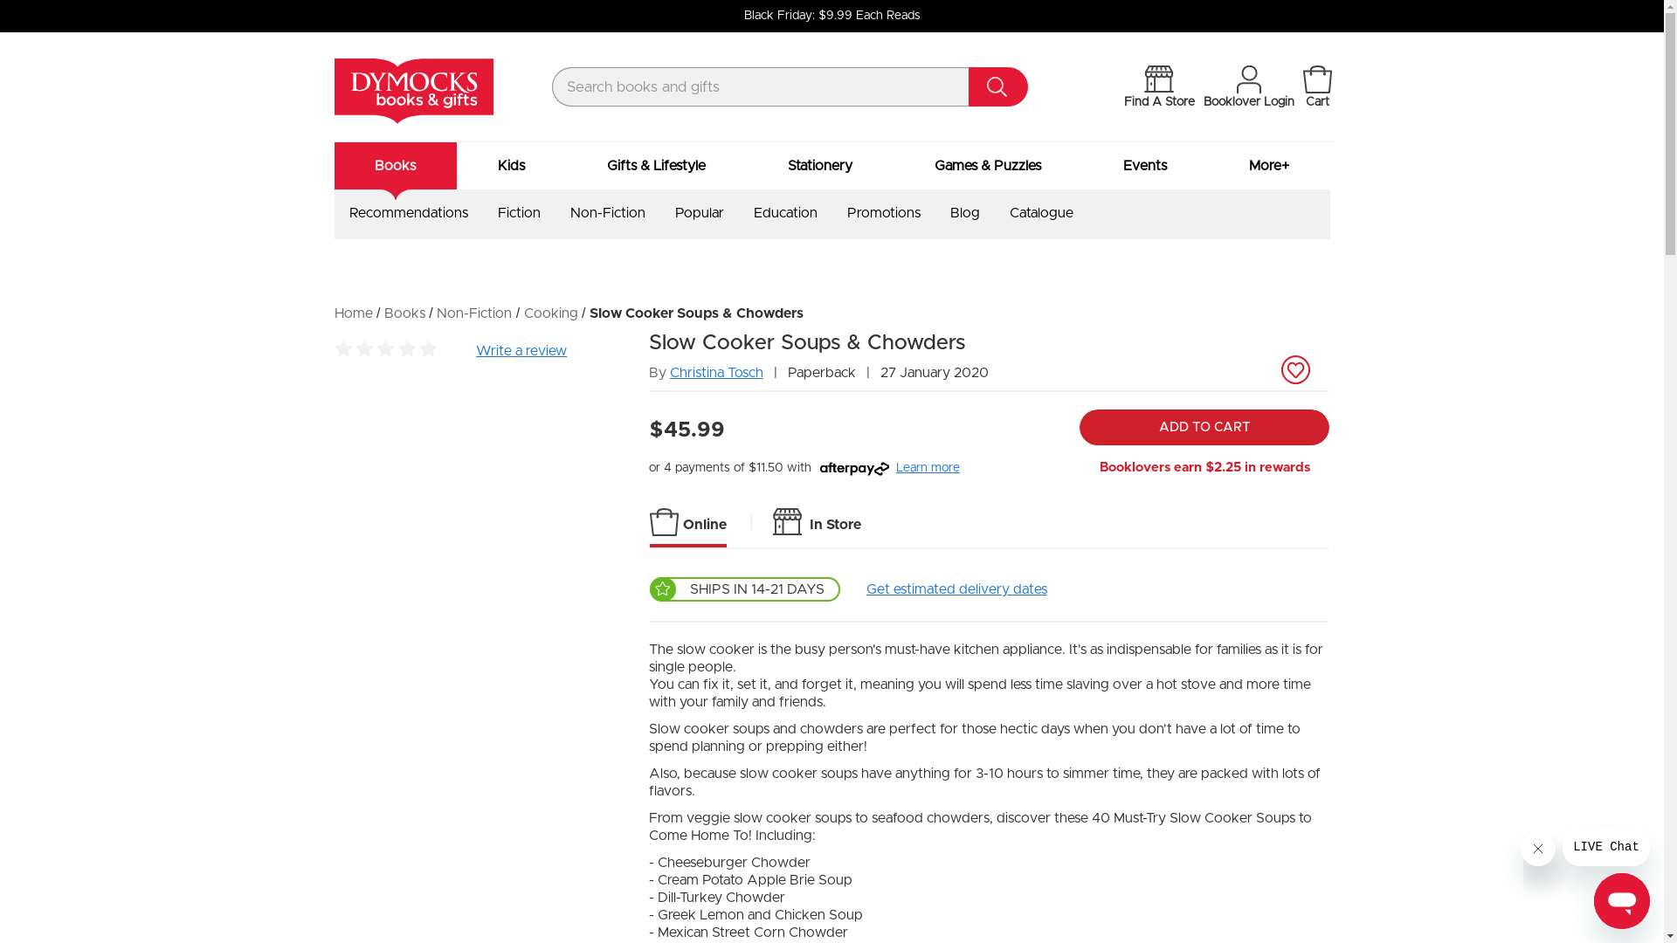  I want to click on 'Cooking', so click(549, 312).